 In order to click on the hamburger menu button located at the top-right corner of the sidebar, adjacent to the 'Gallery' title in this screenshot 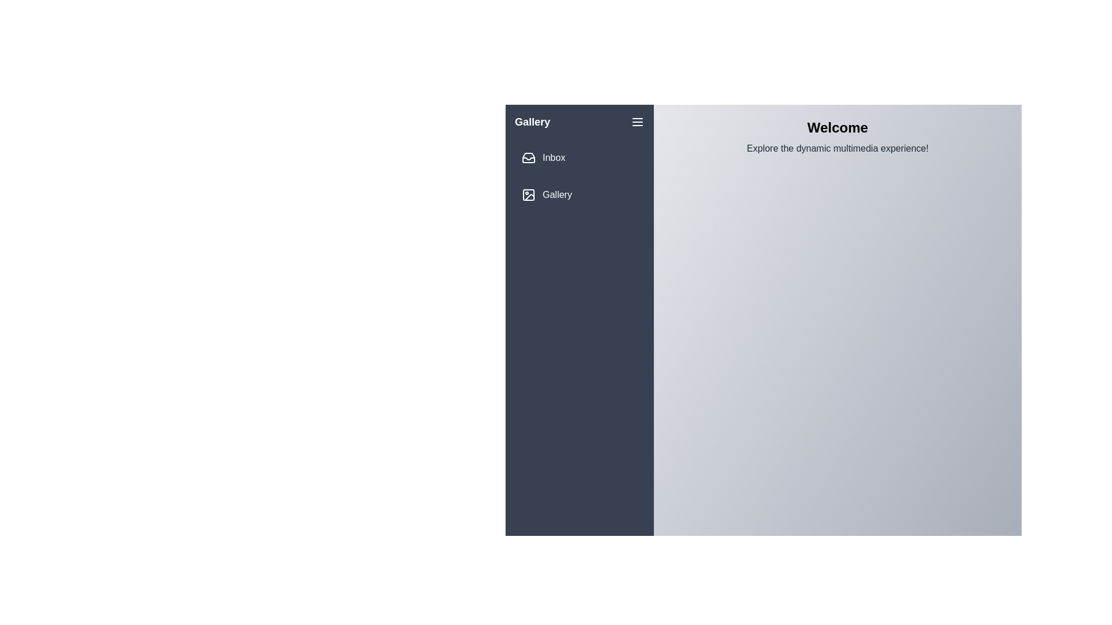, I will do `click(637, 122)`.